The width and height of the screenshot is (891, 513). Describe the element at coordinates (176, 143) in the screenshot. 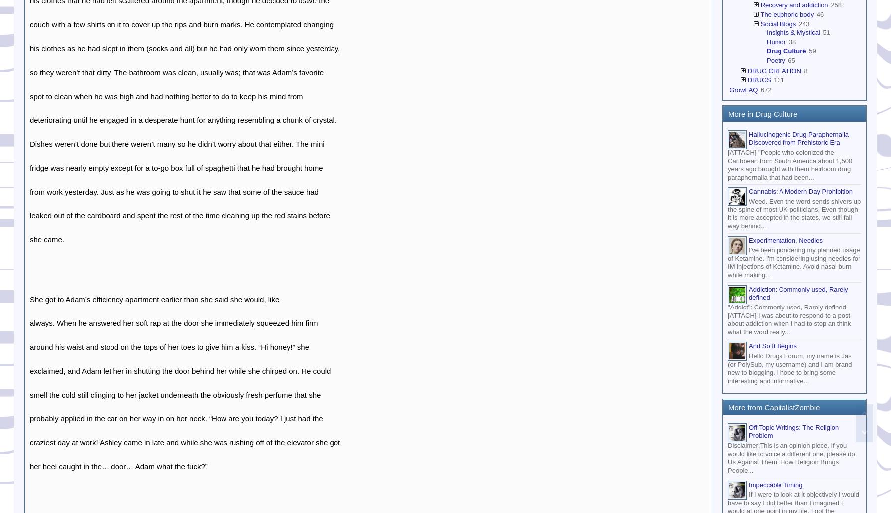

I see `'Dishes weren’t done but there weren’t many so he didn’t worry about that either. The mini'` at that location.